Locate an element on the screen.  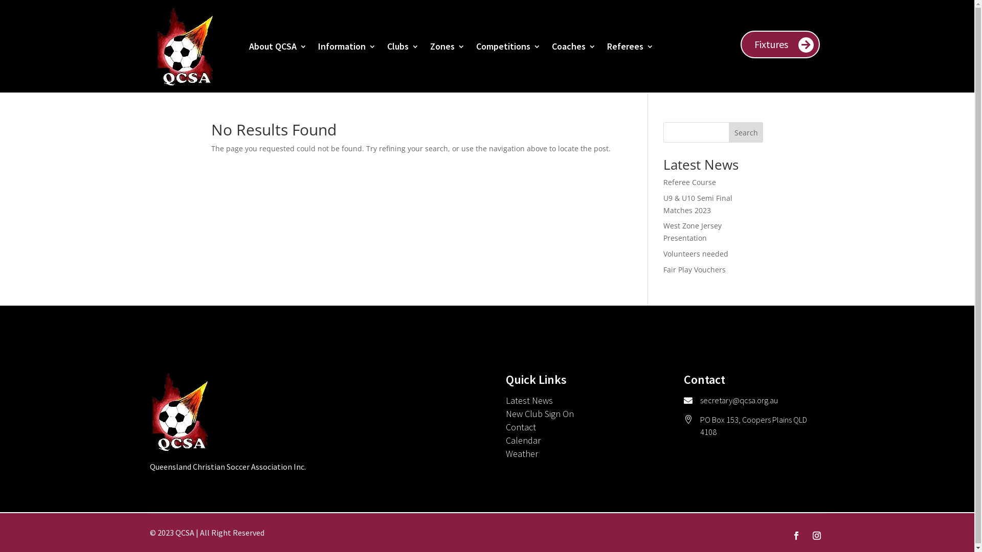
'New Club Sign On' is located at coordinates (539, 413).